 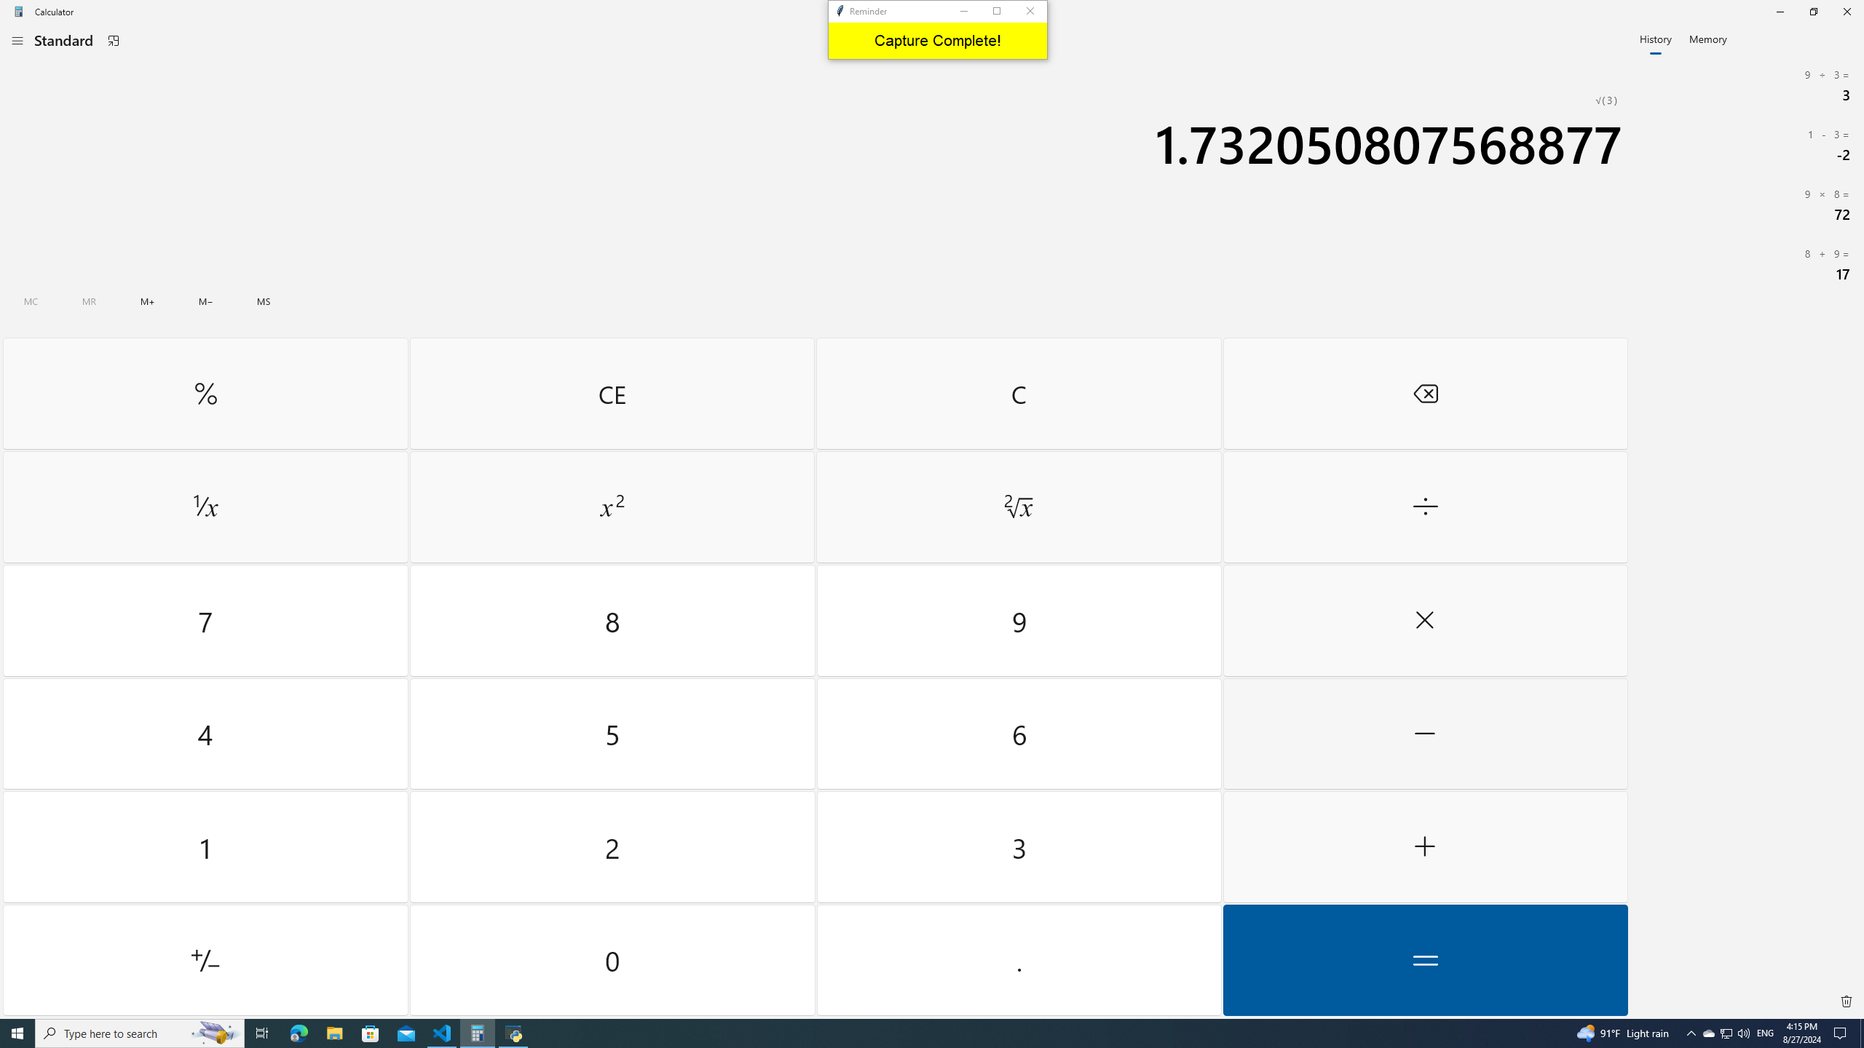 I want to click on 'Percent', so click(x=205, y=393).